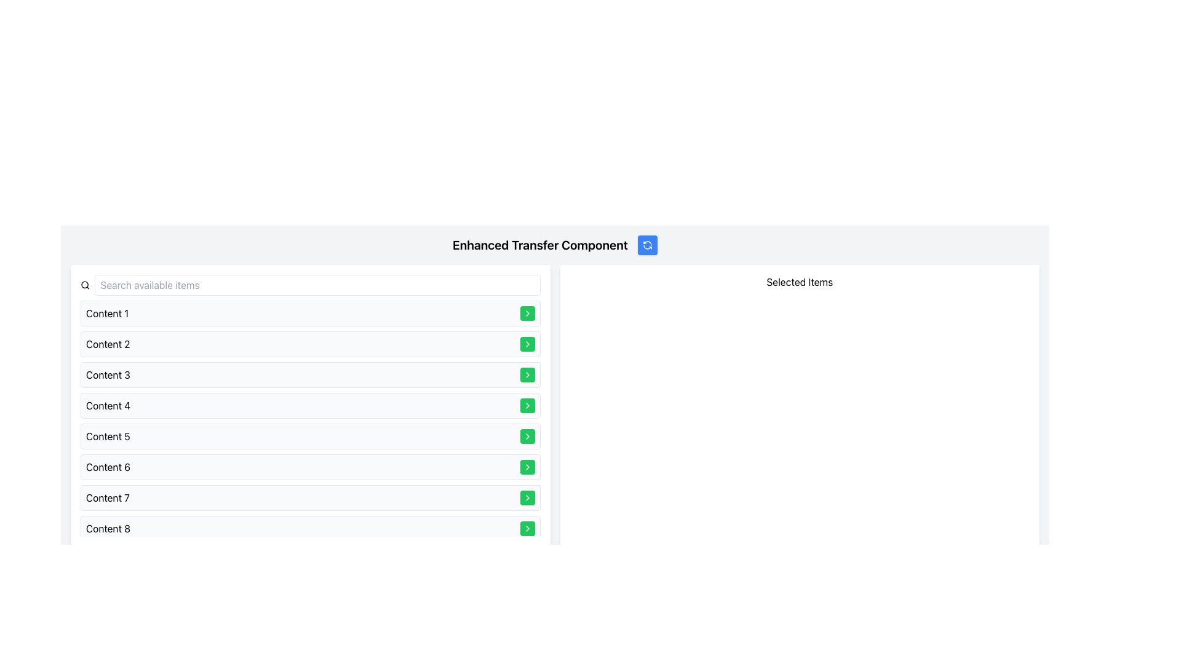  What do you see at coordinates (527, 528) in the screenshot?
I see `the green button with a chevron icon located in the 'Search available items' section, rightmost in the 'Content 8' row` at bounding box center [527, 528].